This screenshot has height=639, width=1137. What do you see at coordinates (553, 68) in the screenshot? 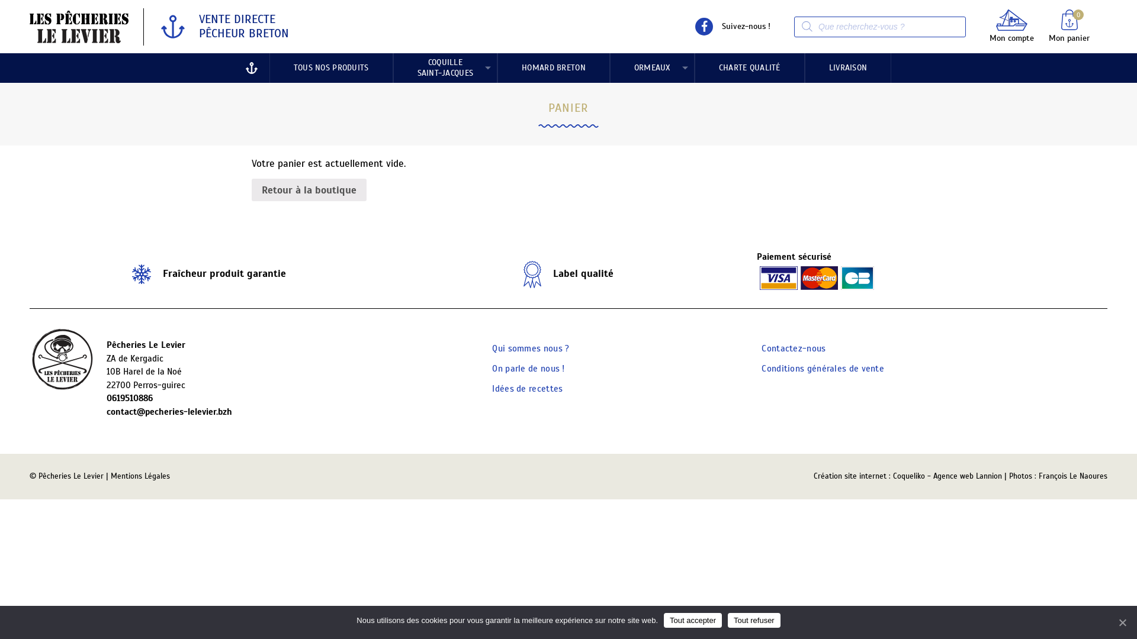
I see `'HOMARD BRETON'` at bounding box center [553, 68].